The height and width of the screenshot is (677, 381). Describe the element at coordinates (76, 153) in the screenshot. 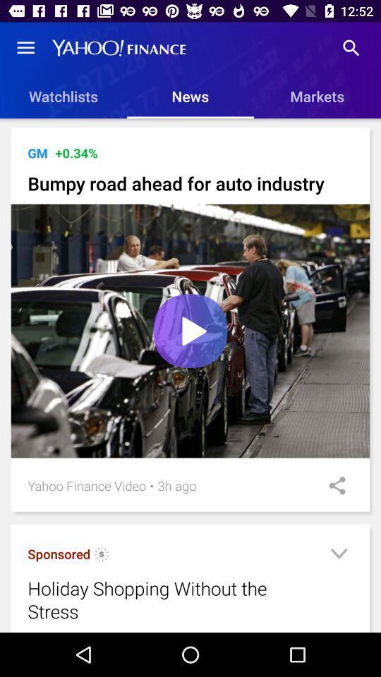

I see `+0.34%` at that location.